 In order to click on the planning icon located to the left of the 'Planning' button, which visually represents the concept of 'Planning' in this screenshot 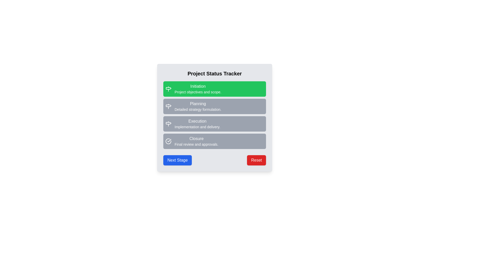, I will do `click(168, 106)`.